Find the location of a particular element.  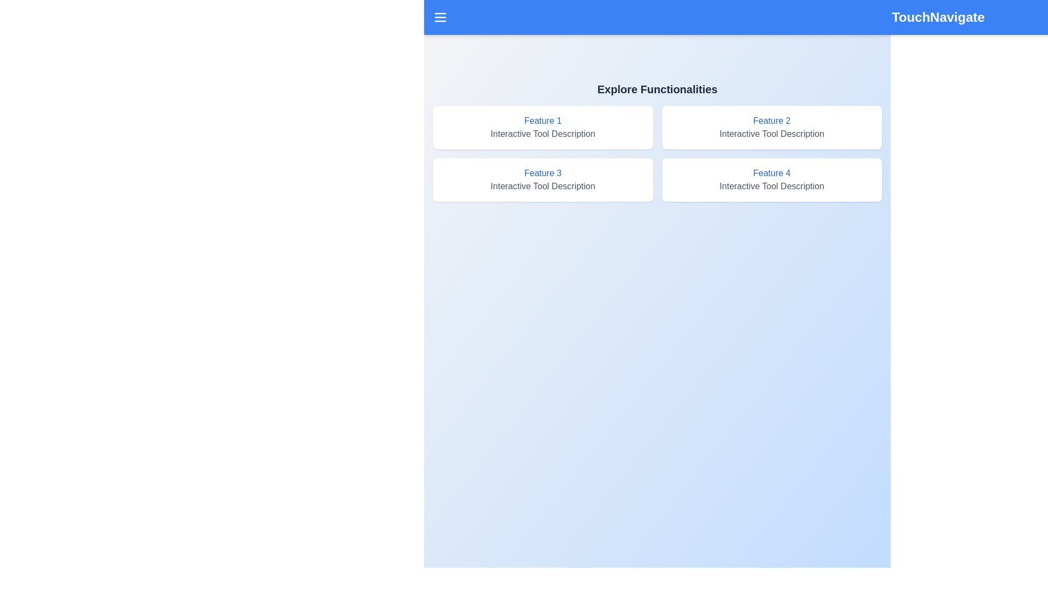

the menu icon in the top-left corner of the navigation bar is located at coordinates (440, 17).